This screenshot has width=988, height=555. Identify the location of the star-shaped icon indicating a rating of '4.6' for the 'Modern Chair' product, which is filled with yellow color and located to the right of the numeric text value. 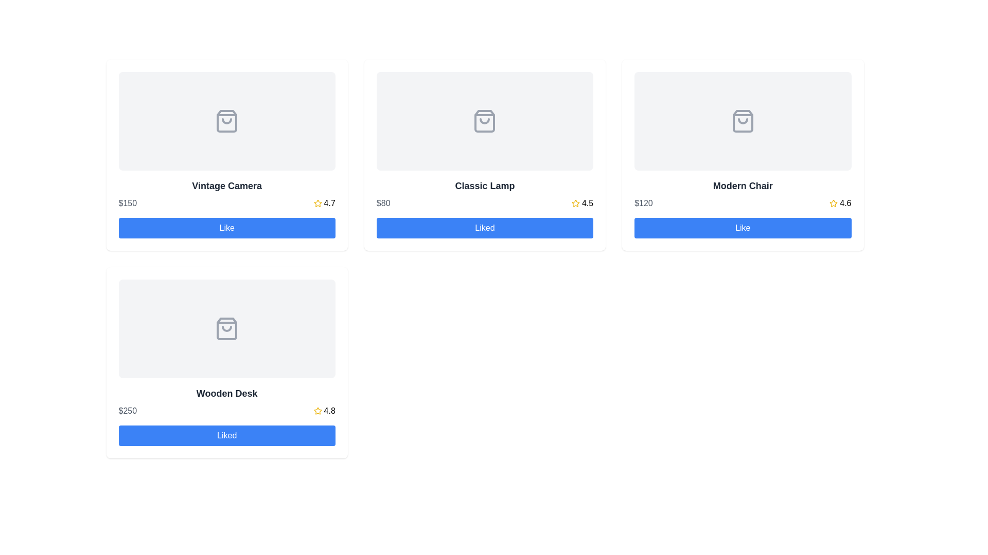
(834, 203).